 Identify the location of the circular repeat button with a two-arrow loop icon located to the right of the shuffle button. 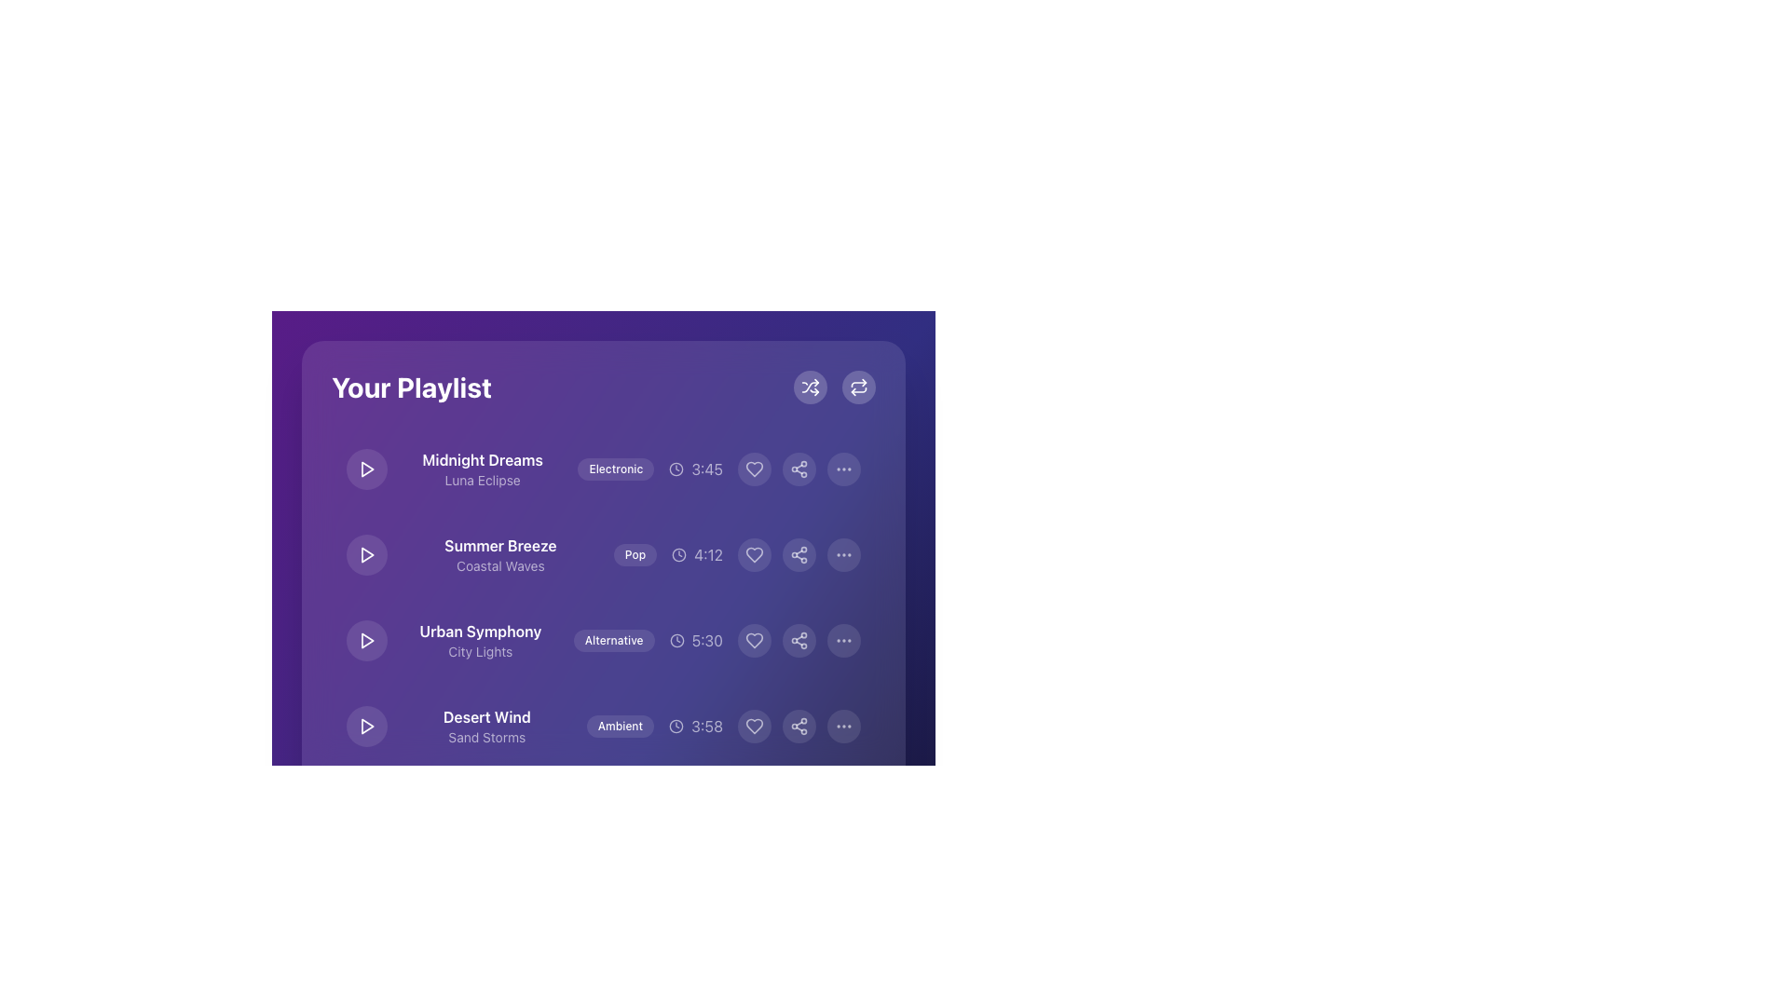
(857, 387).